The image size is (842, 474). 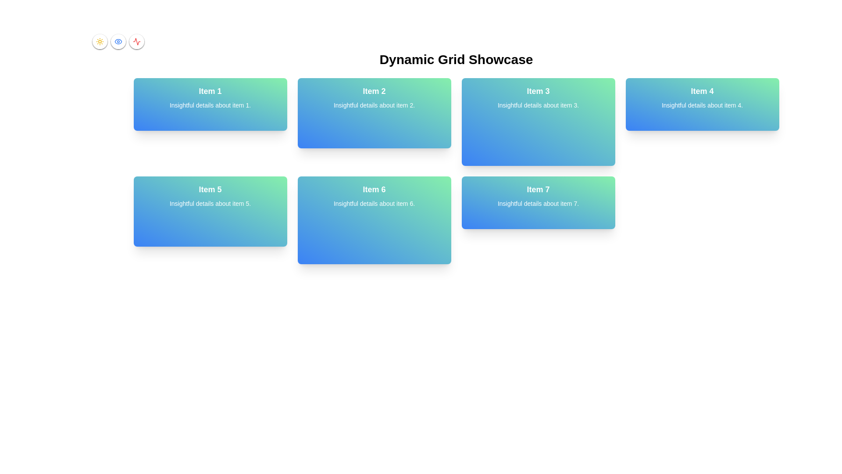 I want to click on the text element displaying 'Item 4', which is bold and white, located in the first row, fourth column of the grid layout, so click(x=702, y=91).